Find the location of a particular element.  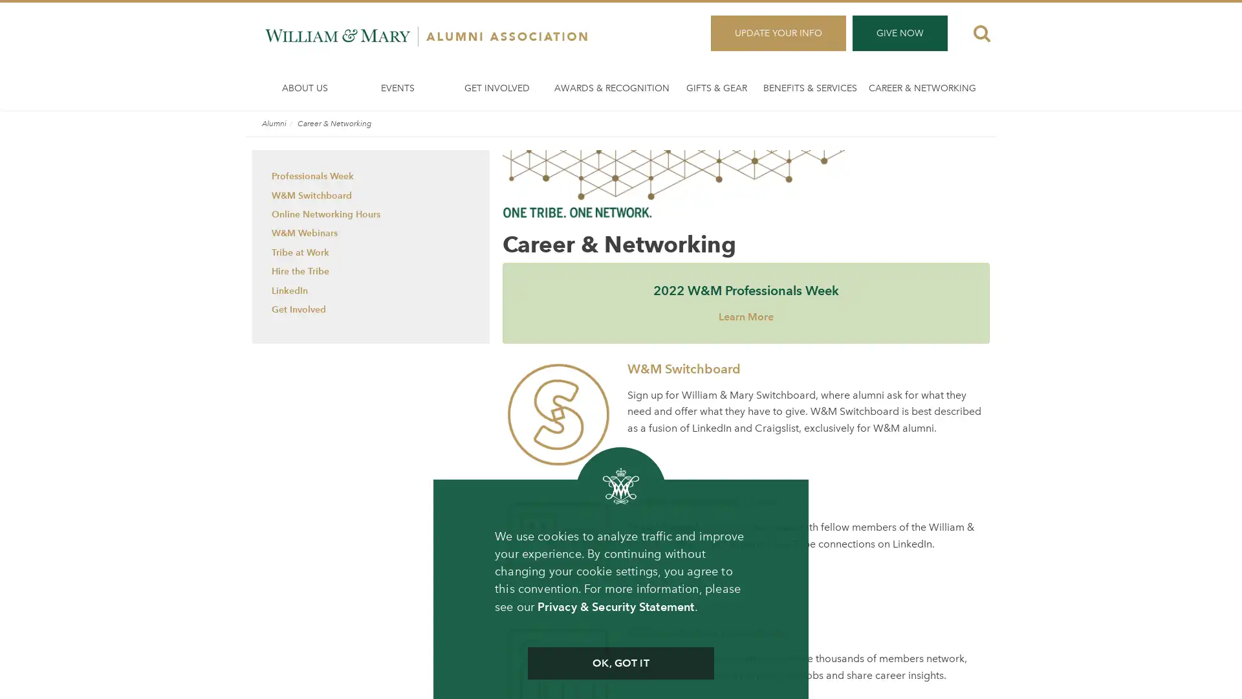

OK, GOT IT is located at coordinates (620, 663).